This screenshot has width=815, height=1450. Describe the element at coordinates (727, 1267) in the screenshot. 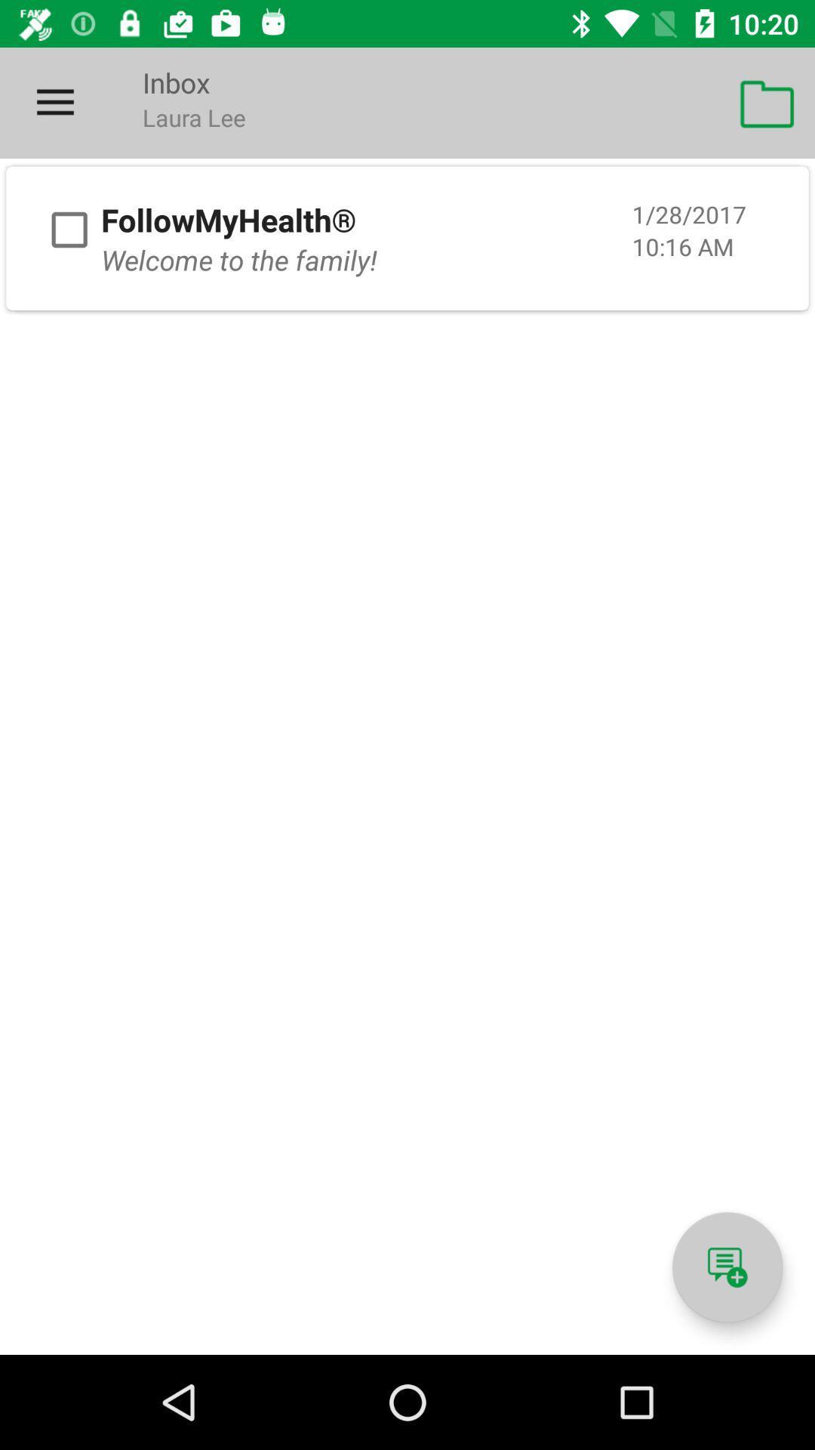

I see `item below the 10:16 am` at that location.